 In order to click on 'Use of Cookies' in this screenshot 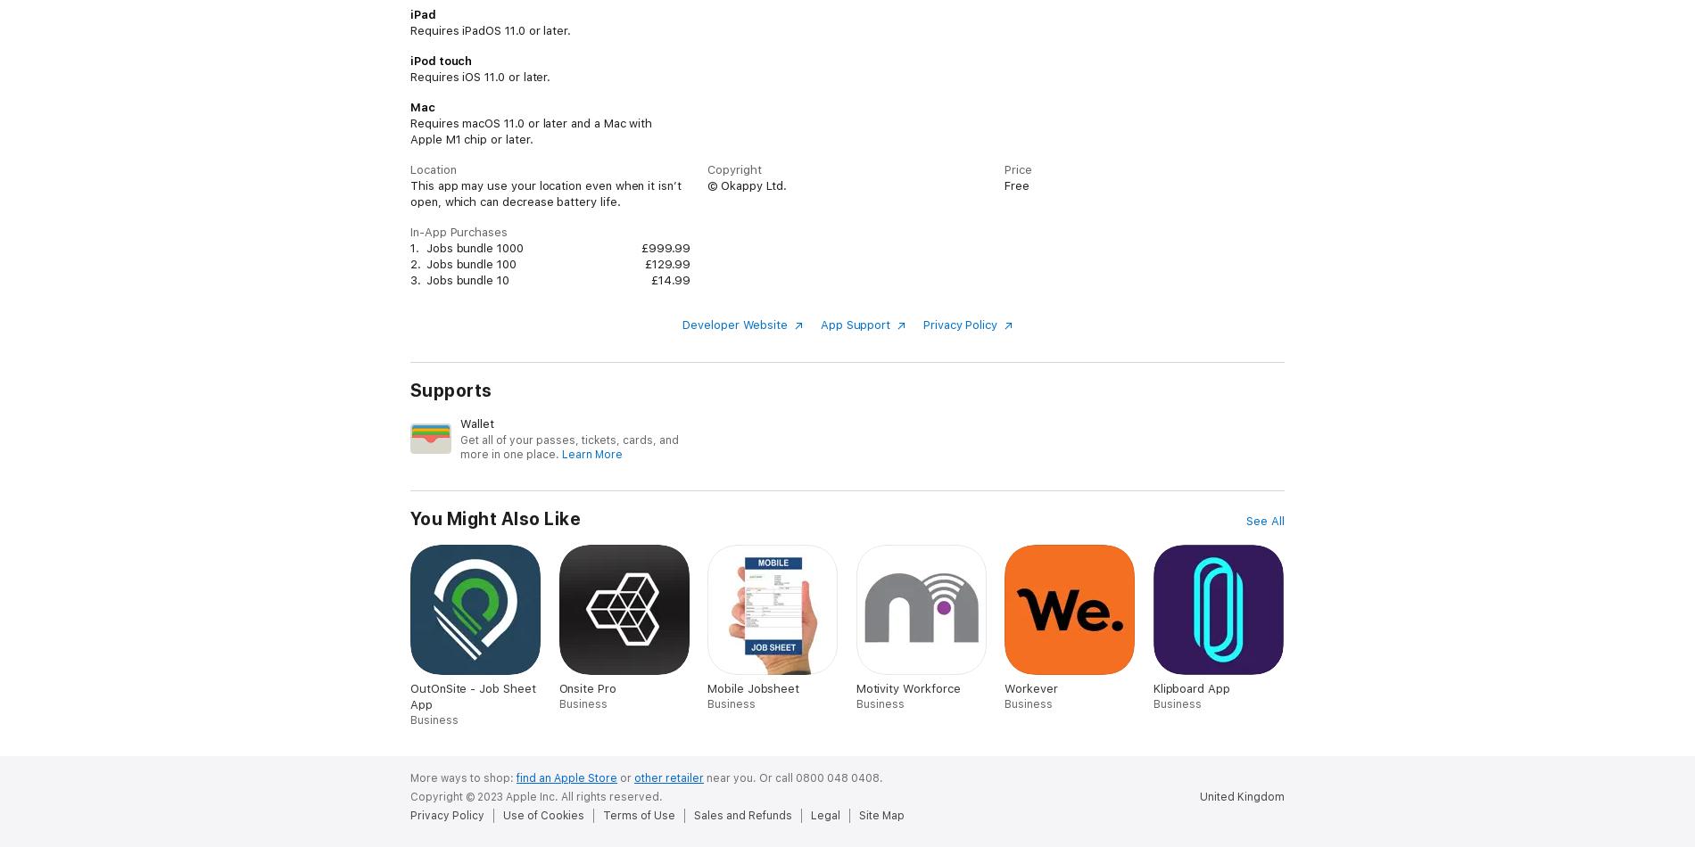, I will do `click(543, 813)`.